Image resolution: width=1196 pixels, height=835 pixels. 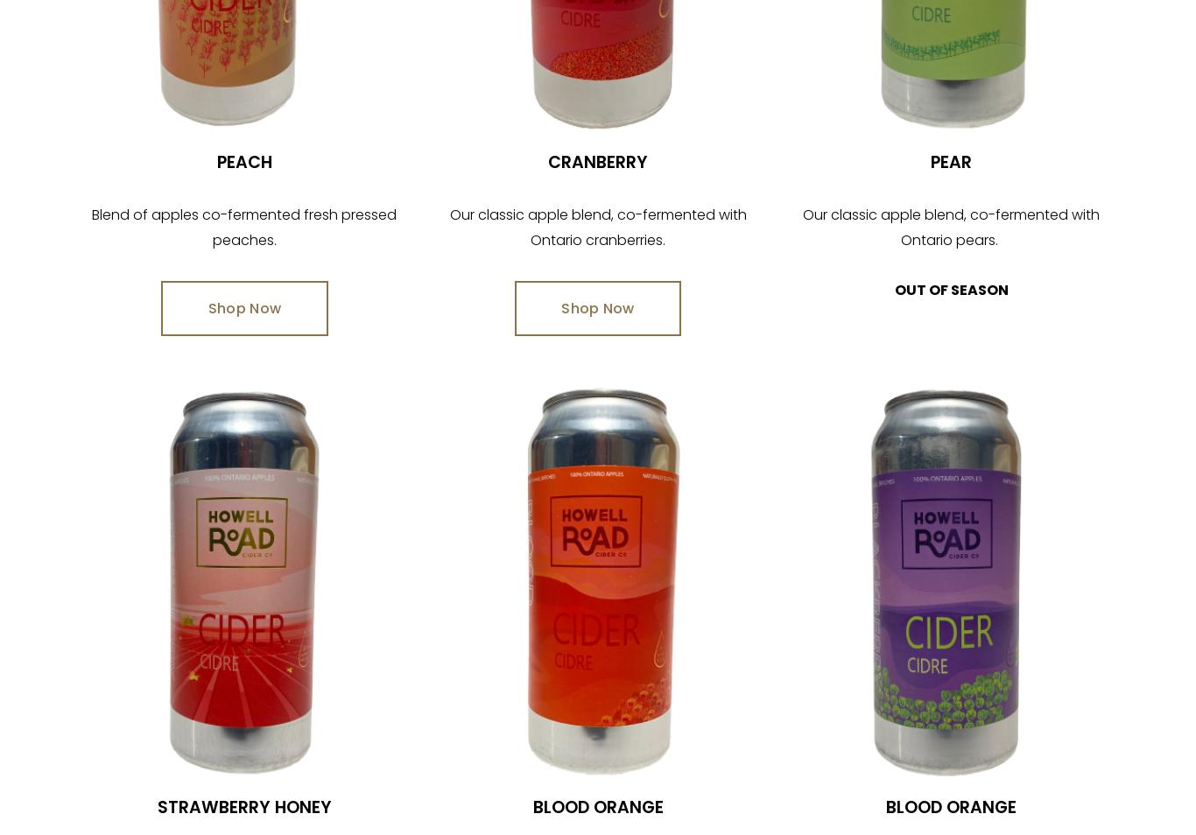 What do you see at coordinates (949, 290) in the screenshot?
I see `'OUT OF SEASON'` at bounding box center [949, 290].